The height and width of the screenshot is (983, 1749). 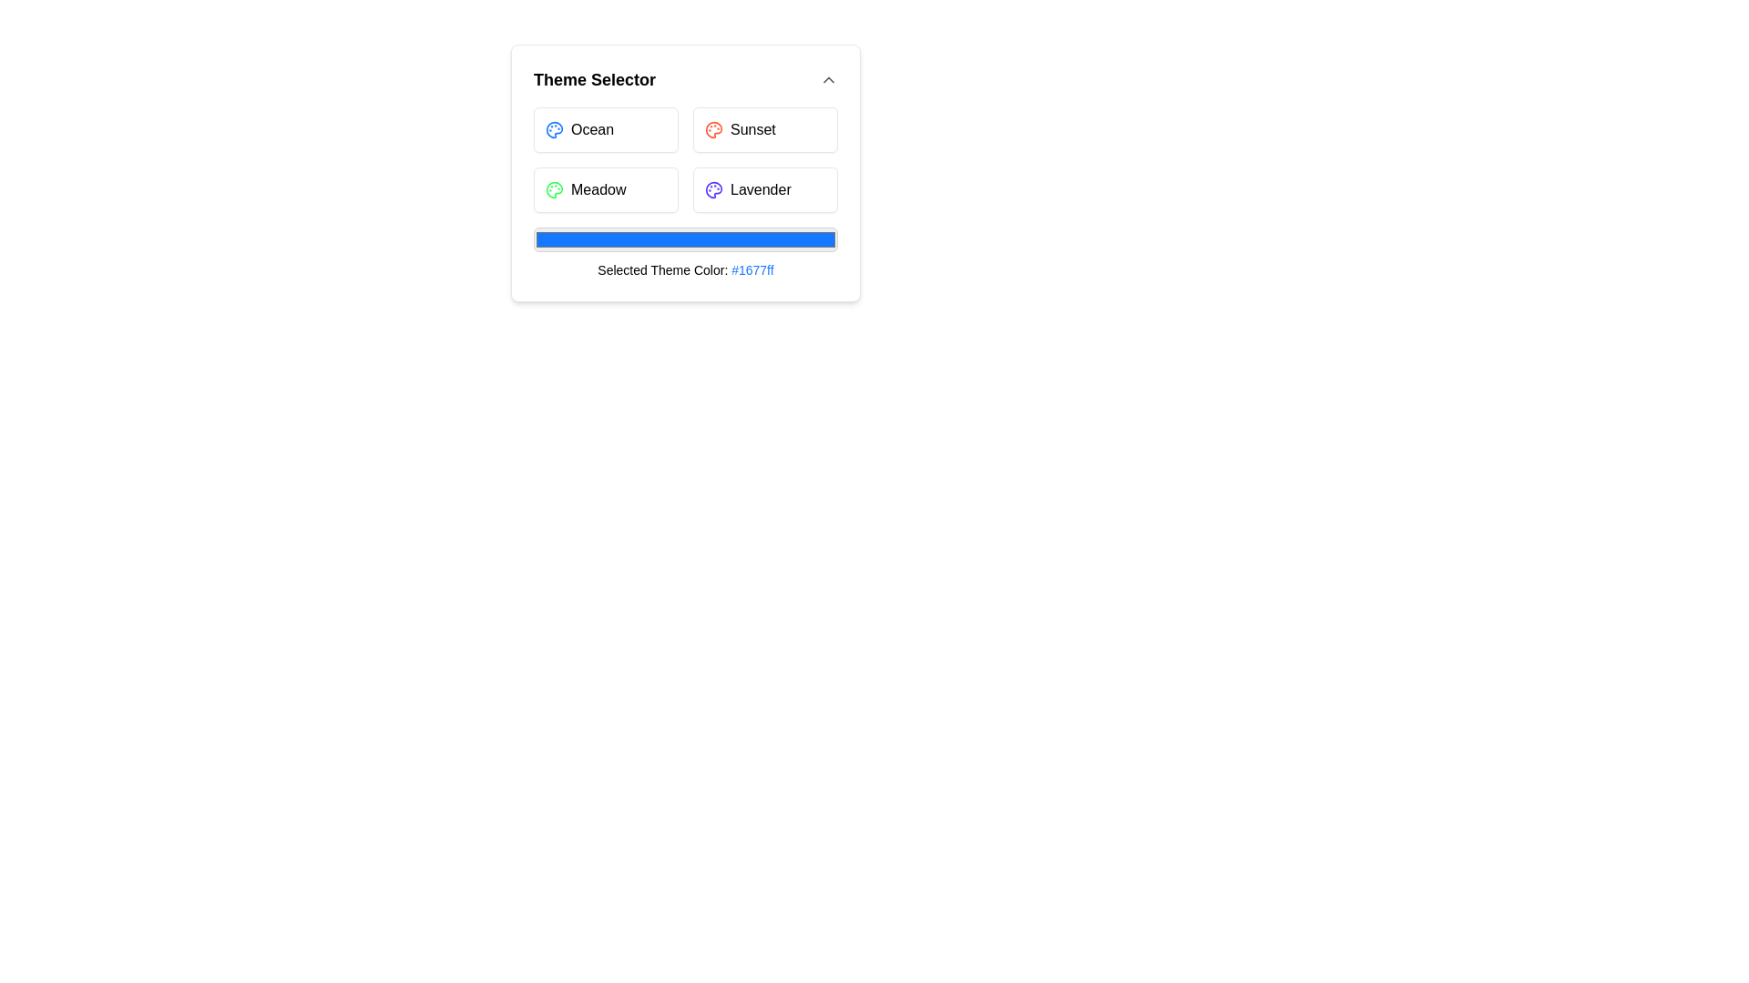 I want to click on the 'Lavender' button, which is a rectangular button with a palette icon and text, located in the bottom-right corner of the Theme Selector grid, so click(x=765, y=189).